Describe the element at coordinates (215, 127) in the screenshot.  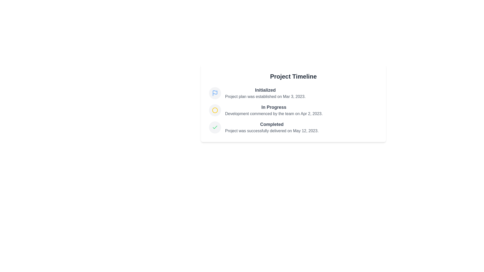
I see `the circular area icon with a light gray background and a green checkmark, located in the third row of the 'Project Timeline' list, to the left of the description 'Completed - Project was successfully delivered on May 12, 2023.'` at that location.